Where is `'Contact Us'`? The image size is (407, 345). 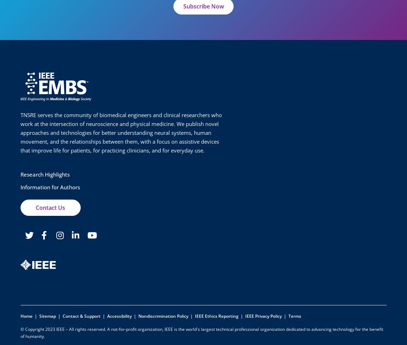 'Contact Us' is located at coordinates (35, 208).